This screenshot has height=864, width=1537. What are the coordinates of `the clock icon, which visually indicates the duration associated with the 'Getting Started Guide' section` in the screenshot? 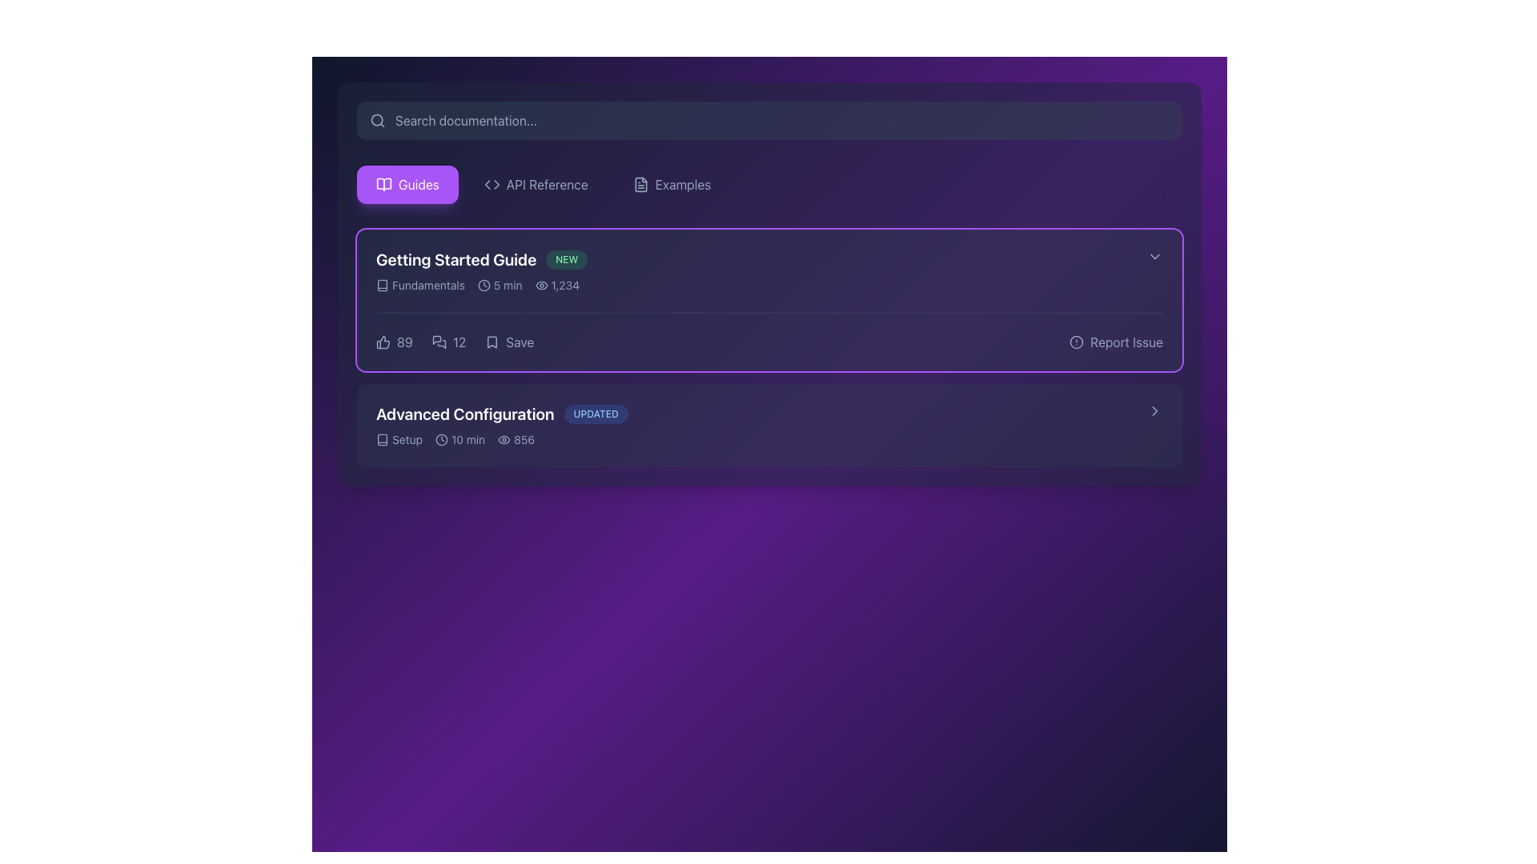 It's located at (483, 285).